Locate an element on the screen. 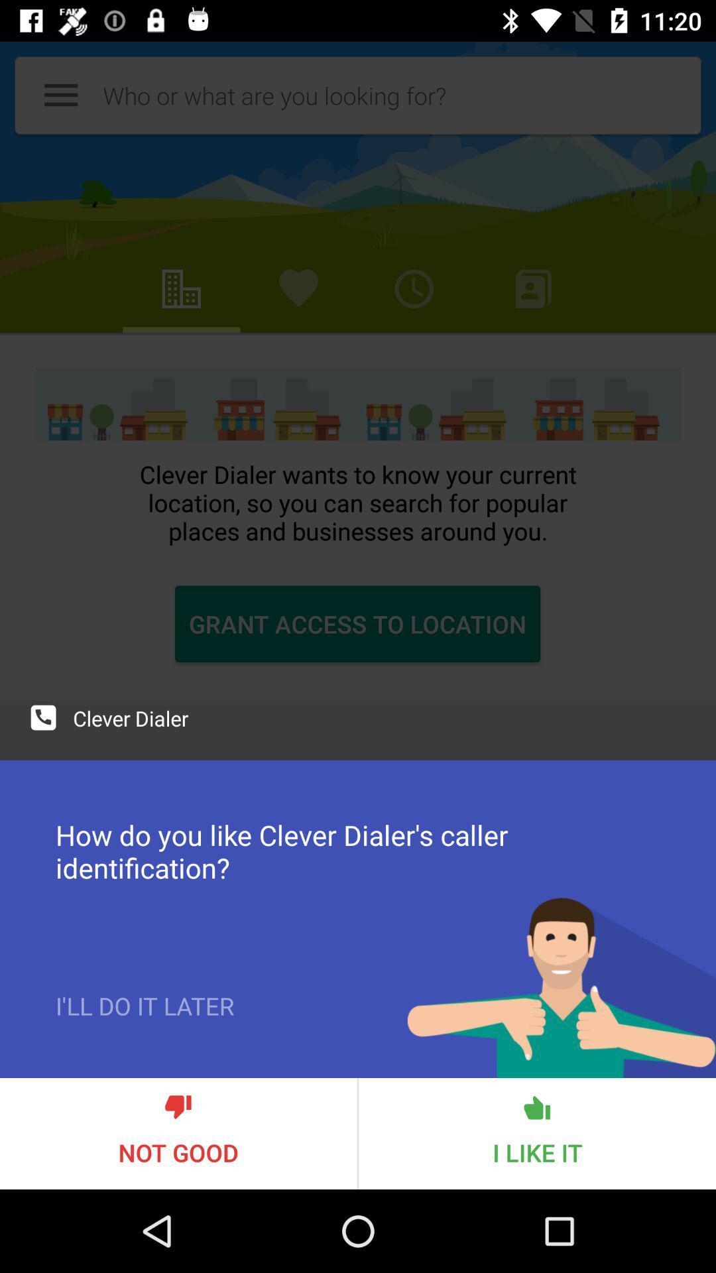 This screenshot has height=1273, width=716. icon above clever dialer icon is located at coordinates (358, 372).